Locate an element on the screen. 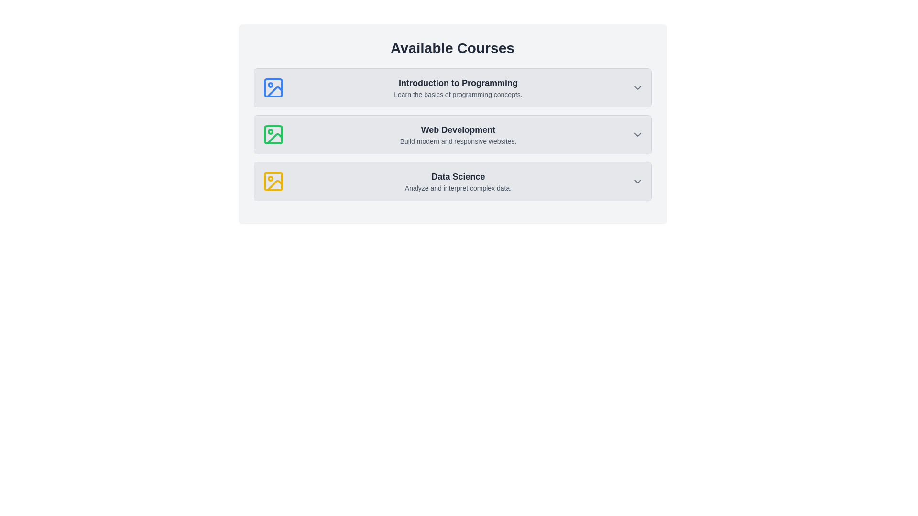  the text label that provides a description for the 'Web Development' section, located beneath the main heading in the 'Available Courses' list is located at coordinates (458, 141).